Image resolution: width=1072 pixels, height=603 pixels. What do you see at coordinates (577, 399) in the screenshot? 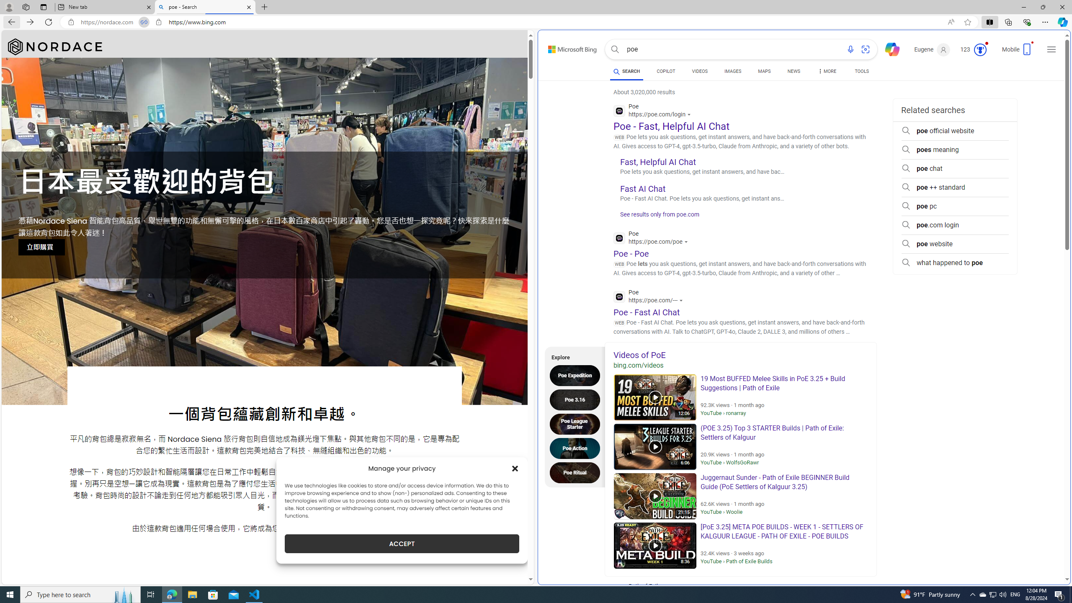
I see `'Poe 3.16'` at bounding box center [577, 399].